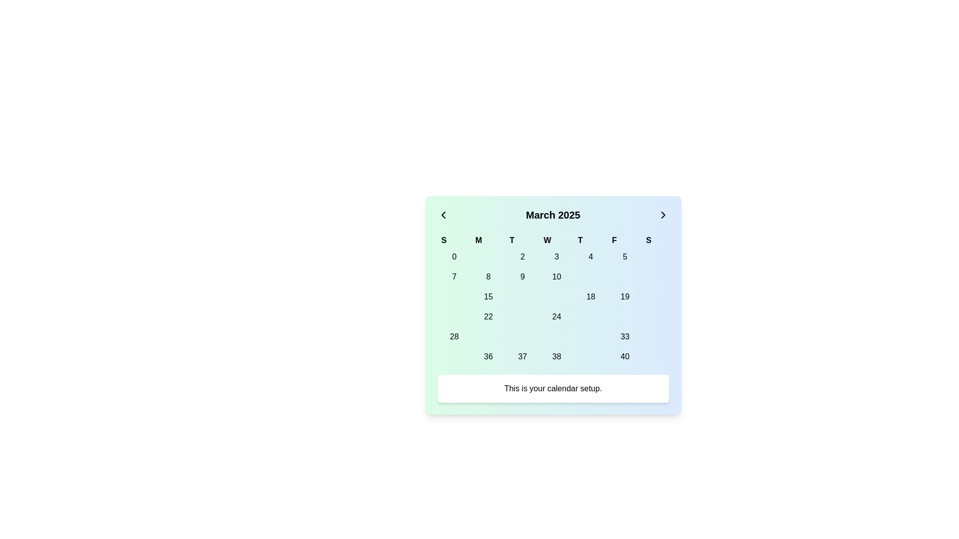 This screenshot has width=959, height=539. Describe the element at coordinates (522, 317) in the screenshot. I see `the empty grid cell located in the third cell of the fourth row within the grid structure` at that location.